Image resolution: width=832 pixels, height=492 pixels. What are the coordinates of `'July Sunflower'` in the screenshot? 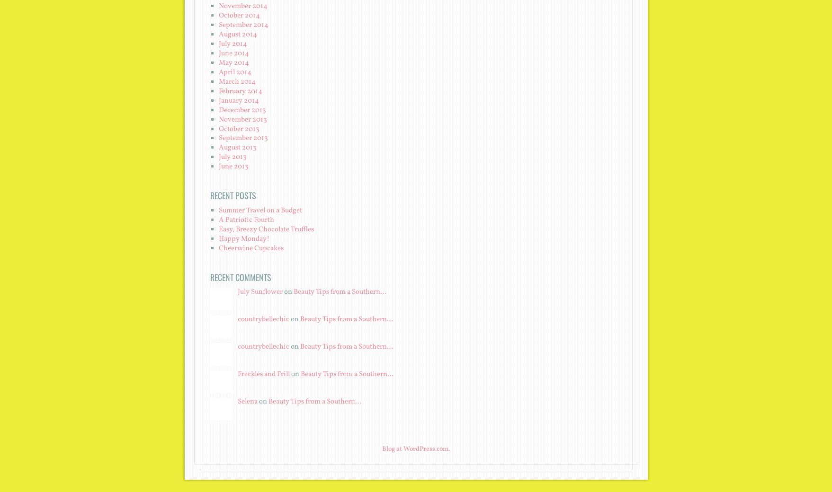 It's located at (259, 291).